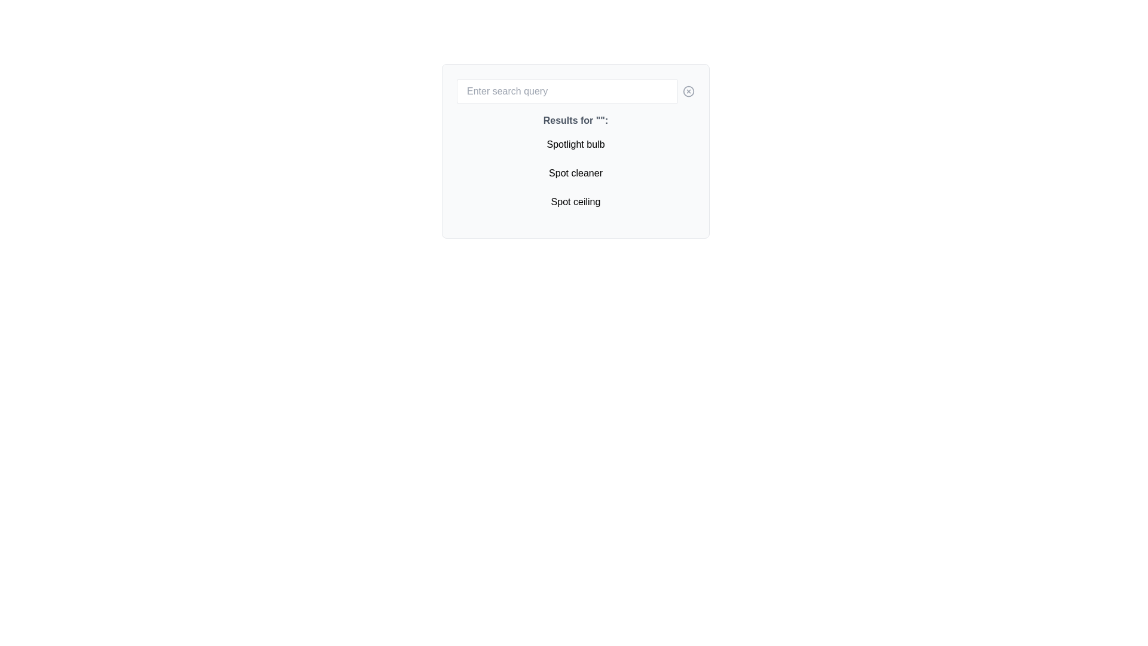 The width and height of the screenshot is (1148, 646). What do you see at coordinates (555, 144) in the screenshot?
I see `the third character 'o' in the text 'Spotlight bulb', which is located between 'S' and 'o'` at bounding box center [555, 144].